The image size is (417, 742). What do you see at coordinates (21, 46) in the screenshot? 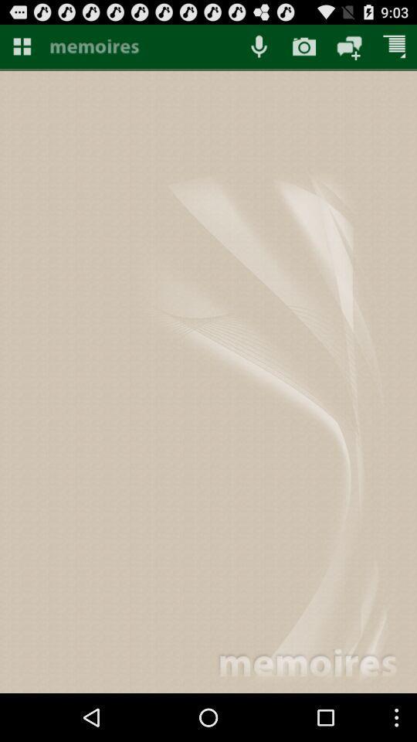
I see `albums` at bounding box center [21, 46].